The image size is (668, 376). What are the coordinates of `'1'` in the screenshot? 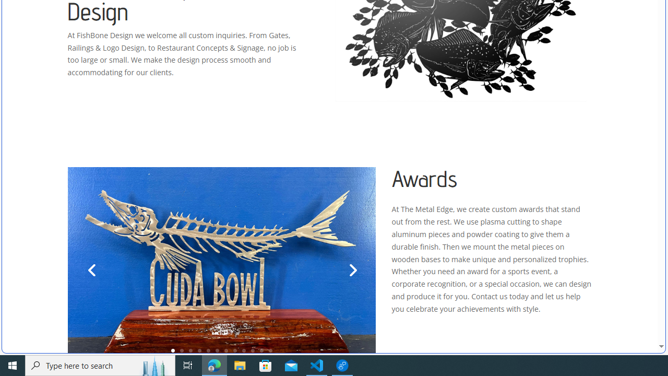 It's located at (173, 350).